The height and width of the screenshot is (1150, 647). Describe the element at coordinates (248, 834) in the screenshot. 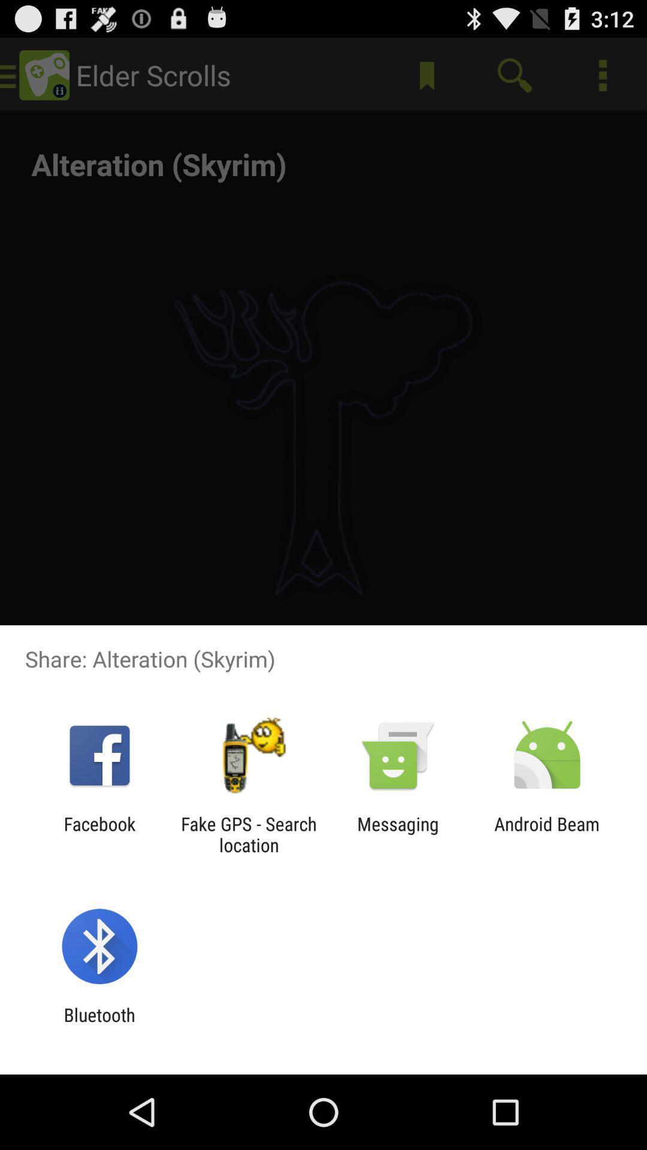

I see `the icon to the left of the messaging` at that location.